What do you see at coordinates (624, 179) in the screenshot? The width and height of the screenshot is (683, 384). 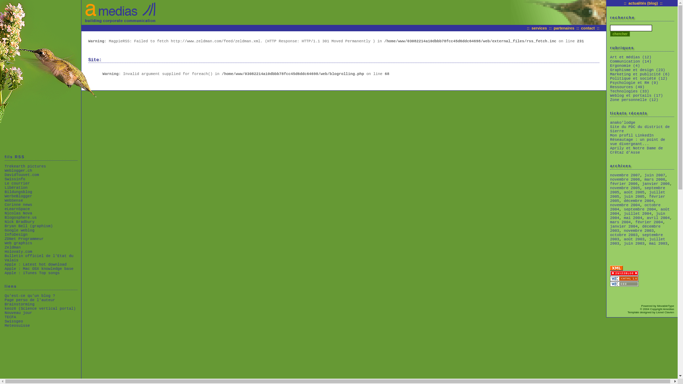 I see `'novembre 2006'` at bounding box center [624, 179].